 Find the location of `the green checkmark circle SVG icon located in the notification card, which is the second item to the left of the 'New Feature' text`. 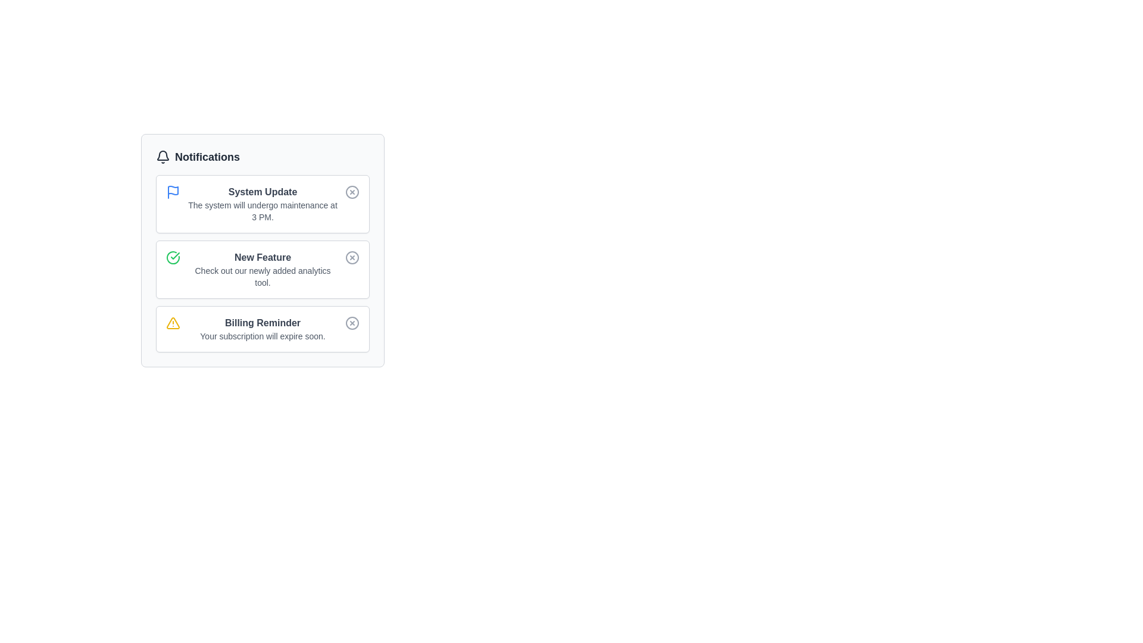

the green checkmark circle SVG icon located in the notification card, which is the second item to the left of the 'New Feature' text is located at coordinates (173, 257).